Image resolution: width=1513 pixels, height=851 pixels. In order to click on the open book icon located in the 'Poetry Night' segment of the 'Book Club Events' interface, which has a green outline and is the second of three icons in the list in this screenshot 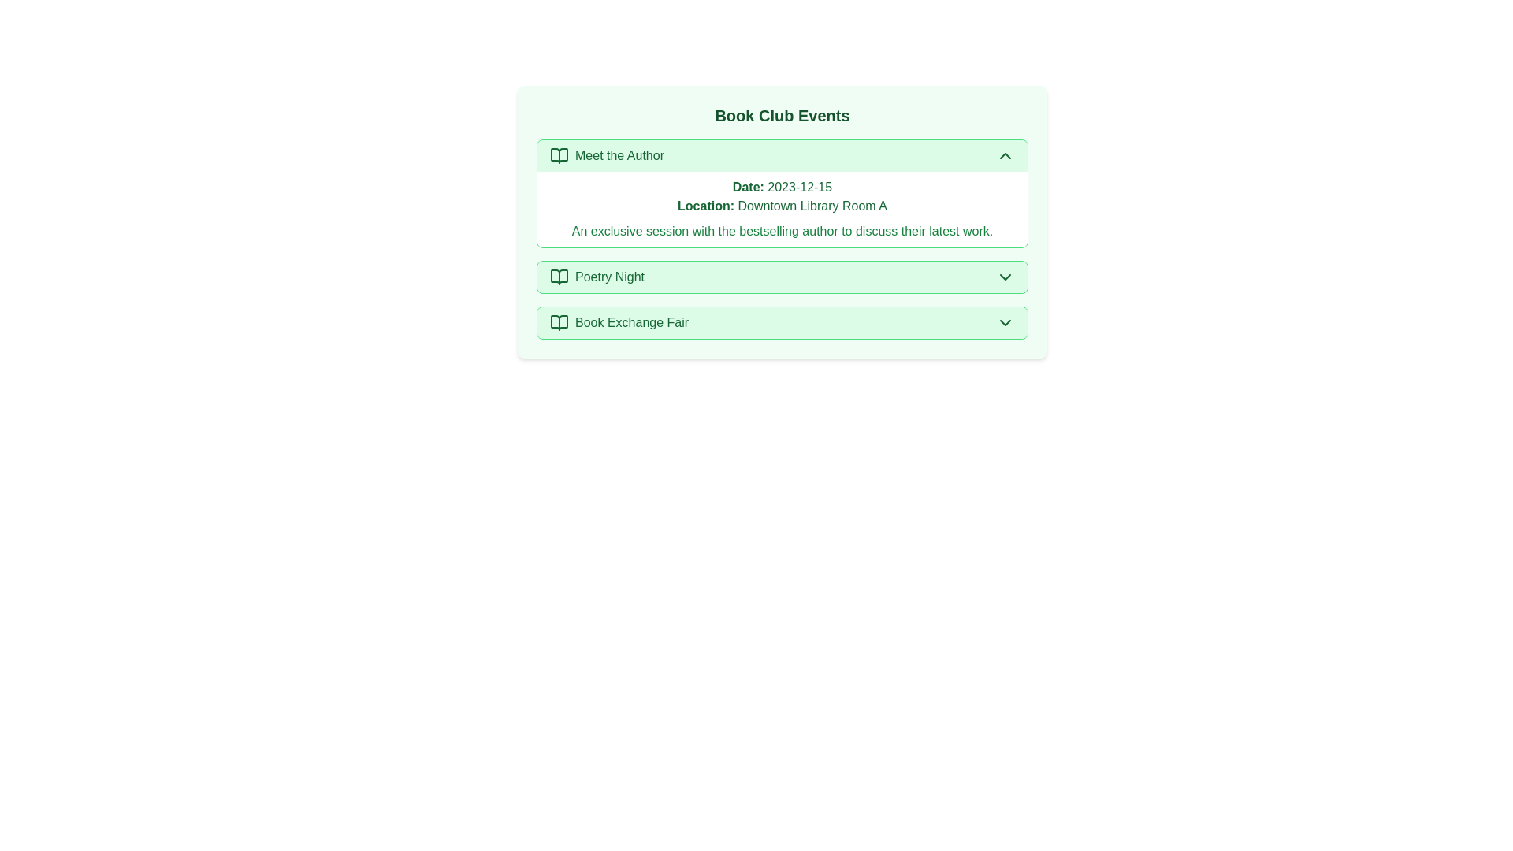, I will do `click(559, 276)`.